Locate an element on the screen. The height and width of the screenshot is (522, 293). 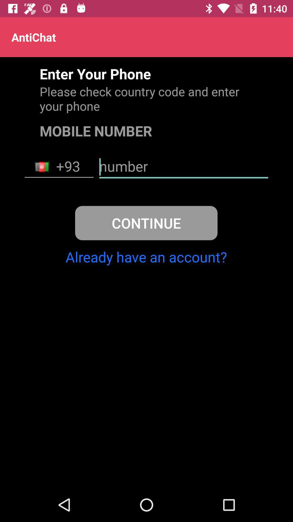
item below the continue is located at coordinates (146, 256).